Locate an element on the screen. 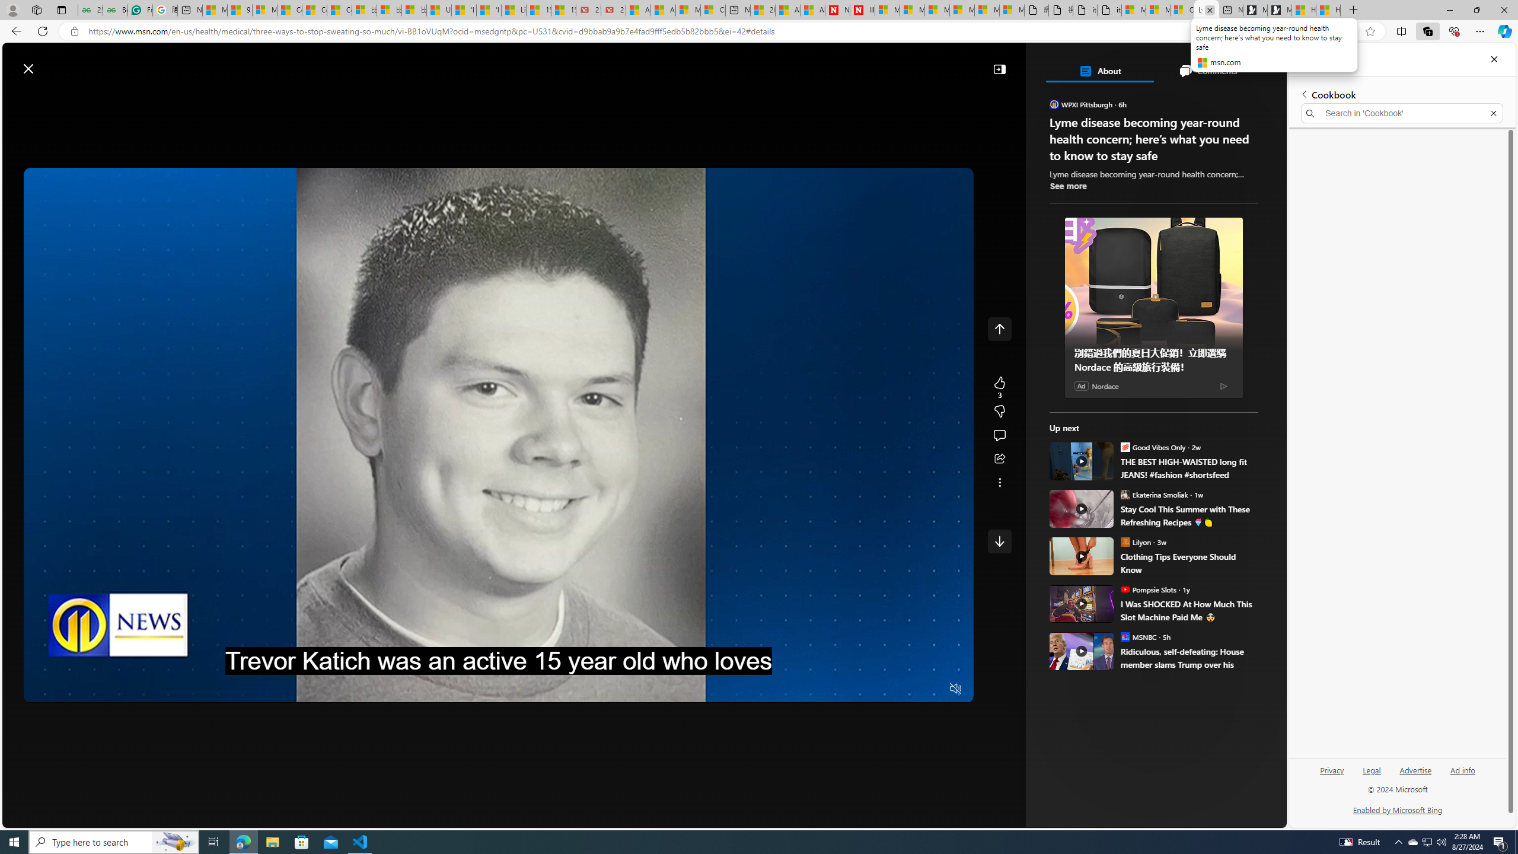  'Illness news & latest pictures from Newsweek.com' is located at coordinates (863, 9).